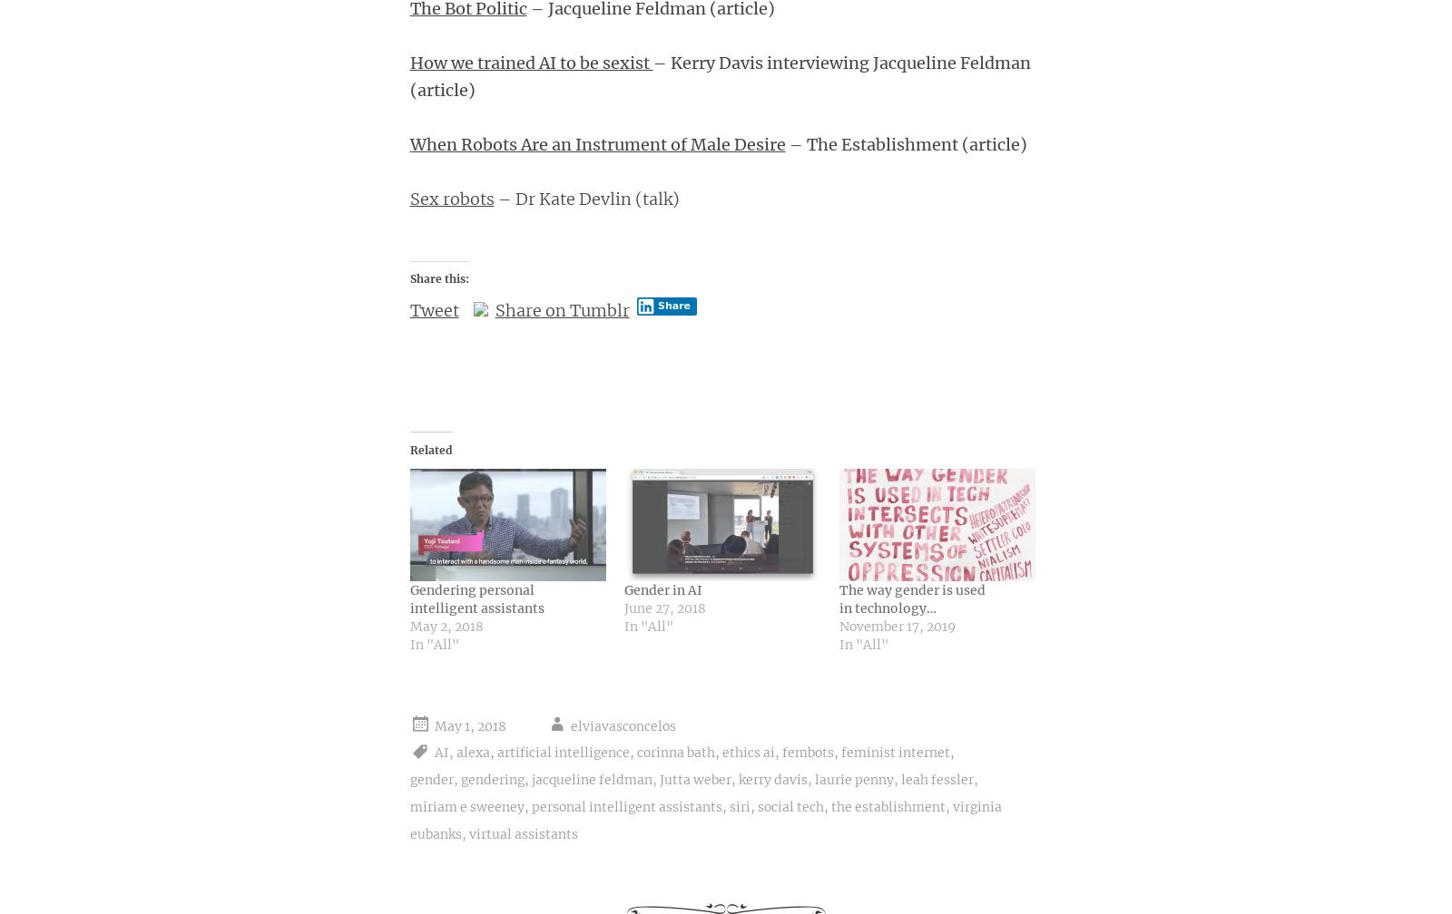 This screenshot has width=1452, height=914. I want to click on '– Kerry Davis interviewing Jacqueline Feldman (article)', so click(719, 76).